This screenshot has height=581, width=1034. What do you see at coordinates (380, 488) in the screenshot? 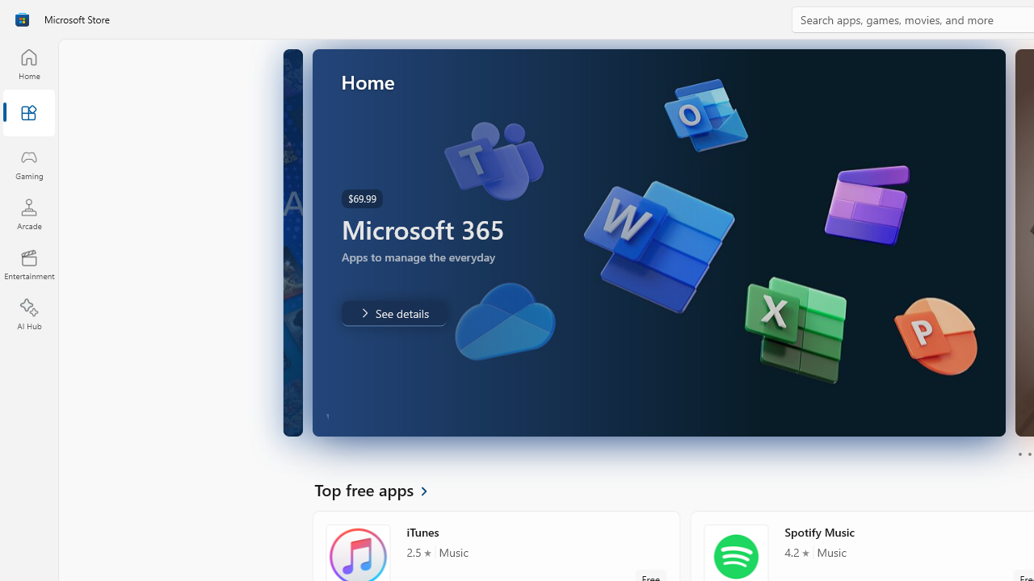
I see `'See all  Top free apps'` at bounding box center [380, 488].